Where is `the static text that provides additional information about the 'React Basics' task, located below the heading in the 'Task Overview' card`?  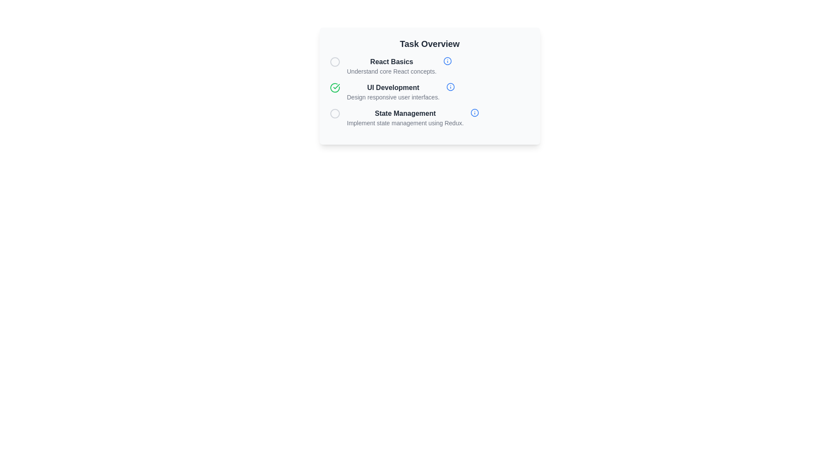
the static text that provides additional information about the 'React Basics' task, located below the heading in the 'Task Overview' card is located at coordinates (391, 71).